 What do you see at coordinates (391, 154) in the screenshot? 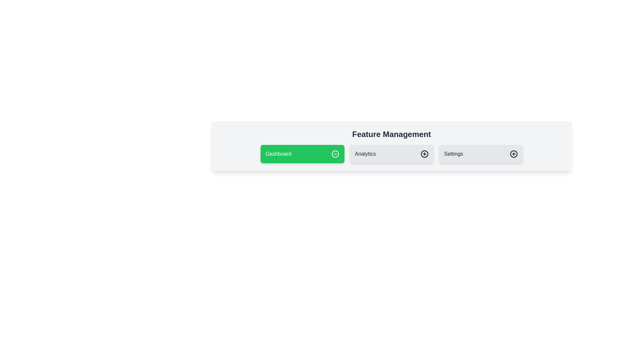
I see `the segmented control component, specifically` at bounding box center [391, 154].